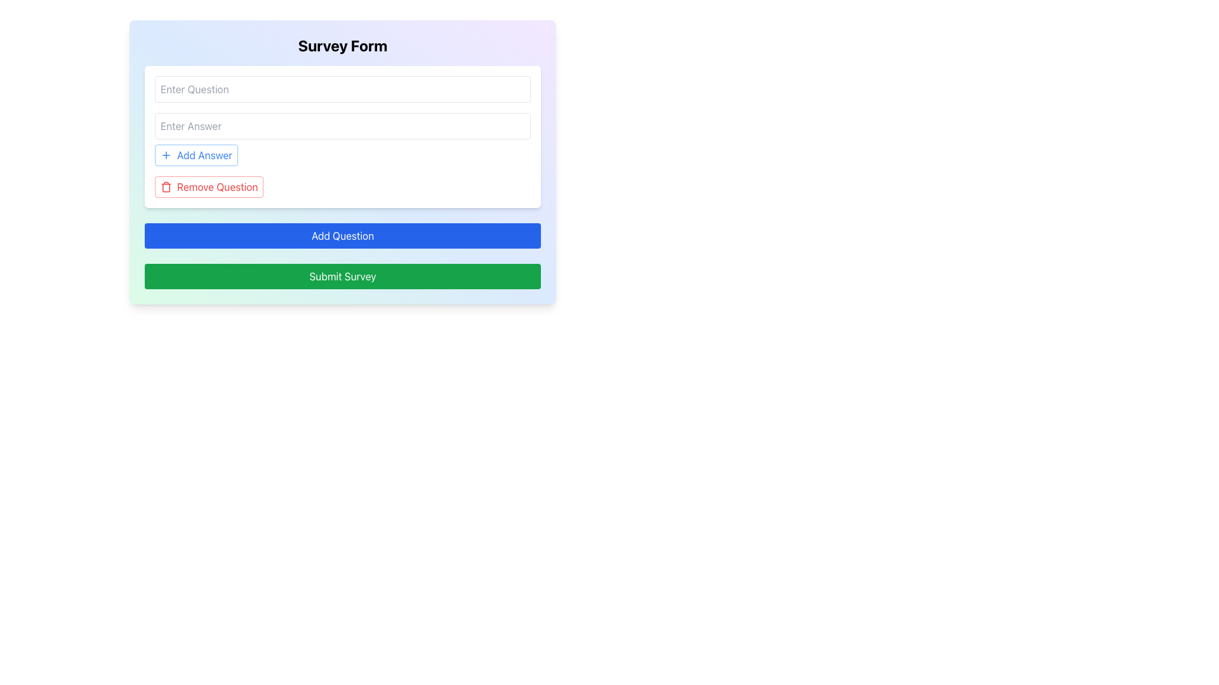  Describe the element at coordinates (196, 155) in the screenshot. I see `the button located below the 'Enter Answer' text input field and above the 'Remove Question' button` at that location.